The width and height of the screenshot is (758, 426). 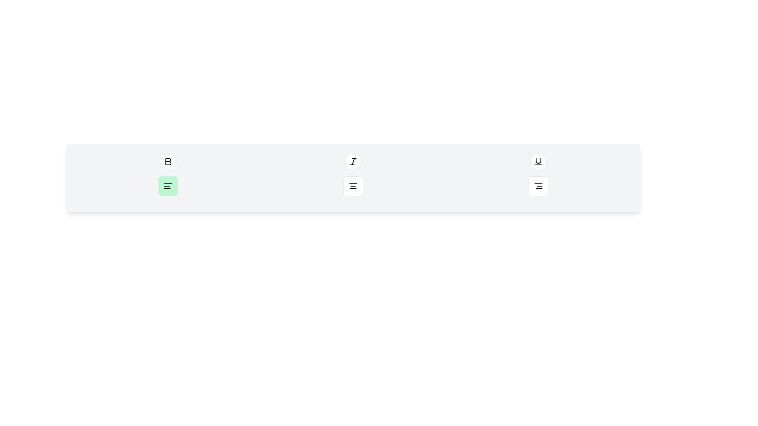 I want to click on the bold 'B' icon located at the center of its circular button in the formatting option icons toolbar for accessibility navigation, so click(x=168, y=161).